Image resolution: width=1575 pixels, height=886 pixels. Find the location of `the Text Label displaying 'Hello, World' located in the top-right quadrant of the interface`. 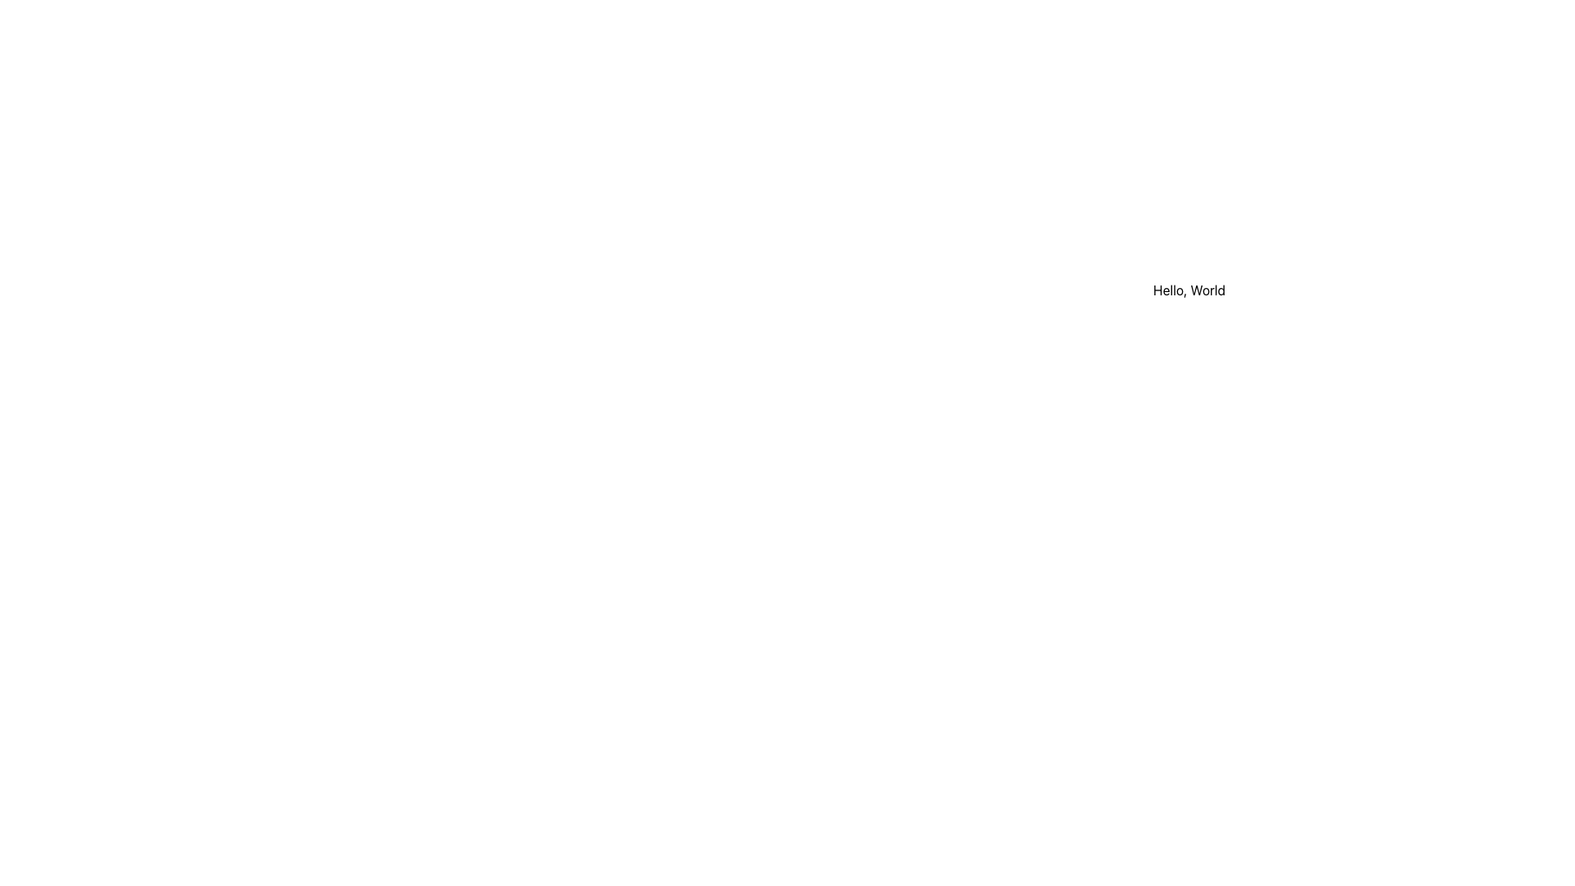

the Text Label displaying 'Hello, World' located in the top-right quadrant of the interface is located at coordinates (1189, 290).